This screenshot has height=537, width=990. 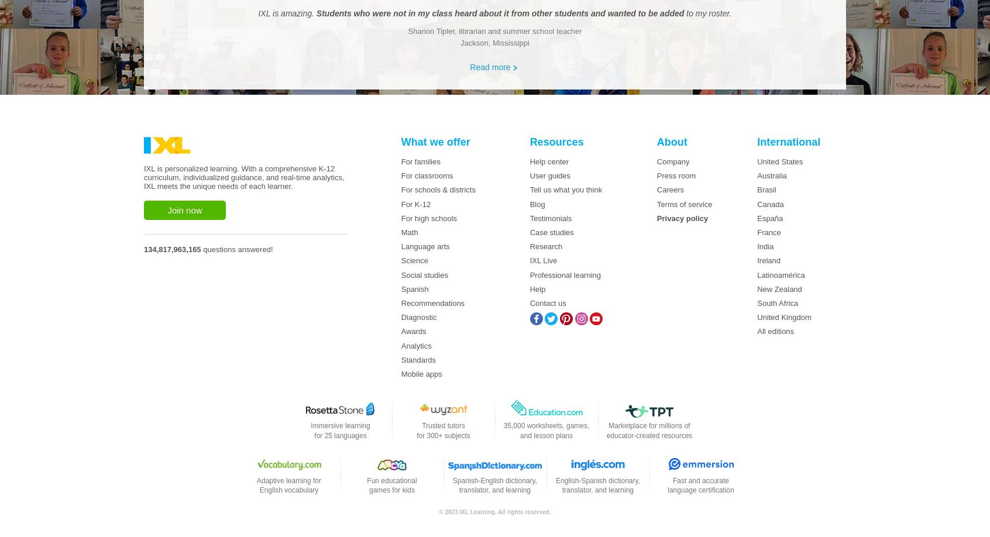 I want to click on 'English-Spanish dictionary,', so click(x=597, y=480).